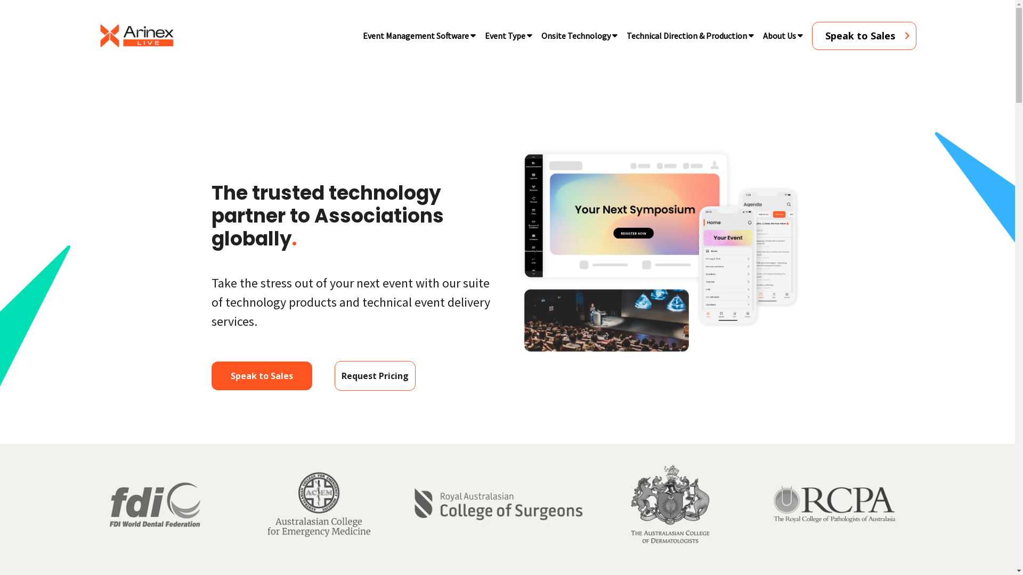 The height and width of the screenshot is (575, 1023). What do you see at coordinates (864, 35) in the screenshot?
I see `'Speak to Sales'` at bounding box center [864, 35].